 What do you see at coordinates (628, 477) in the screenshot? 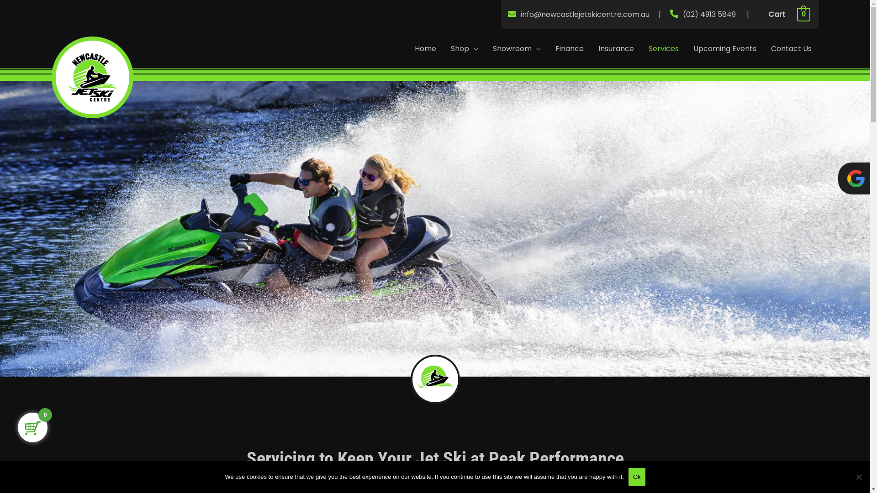
I see `'Ok'` at bounding box center [628, 477].